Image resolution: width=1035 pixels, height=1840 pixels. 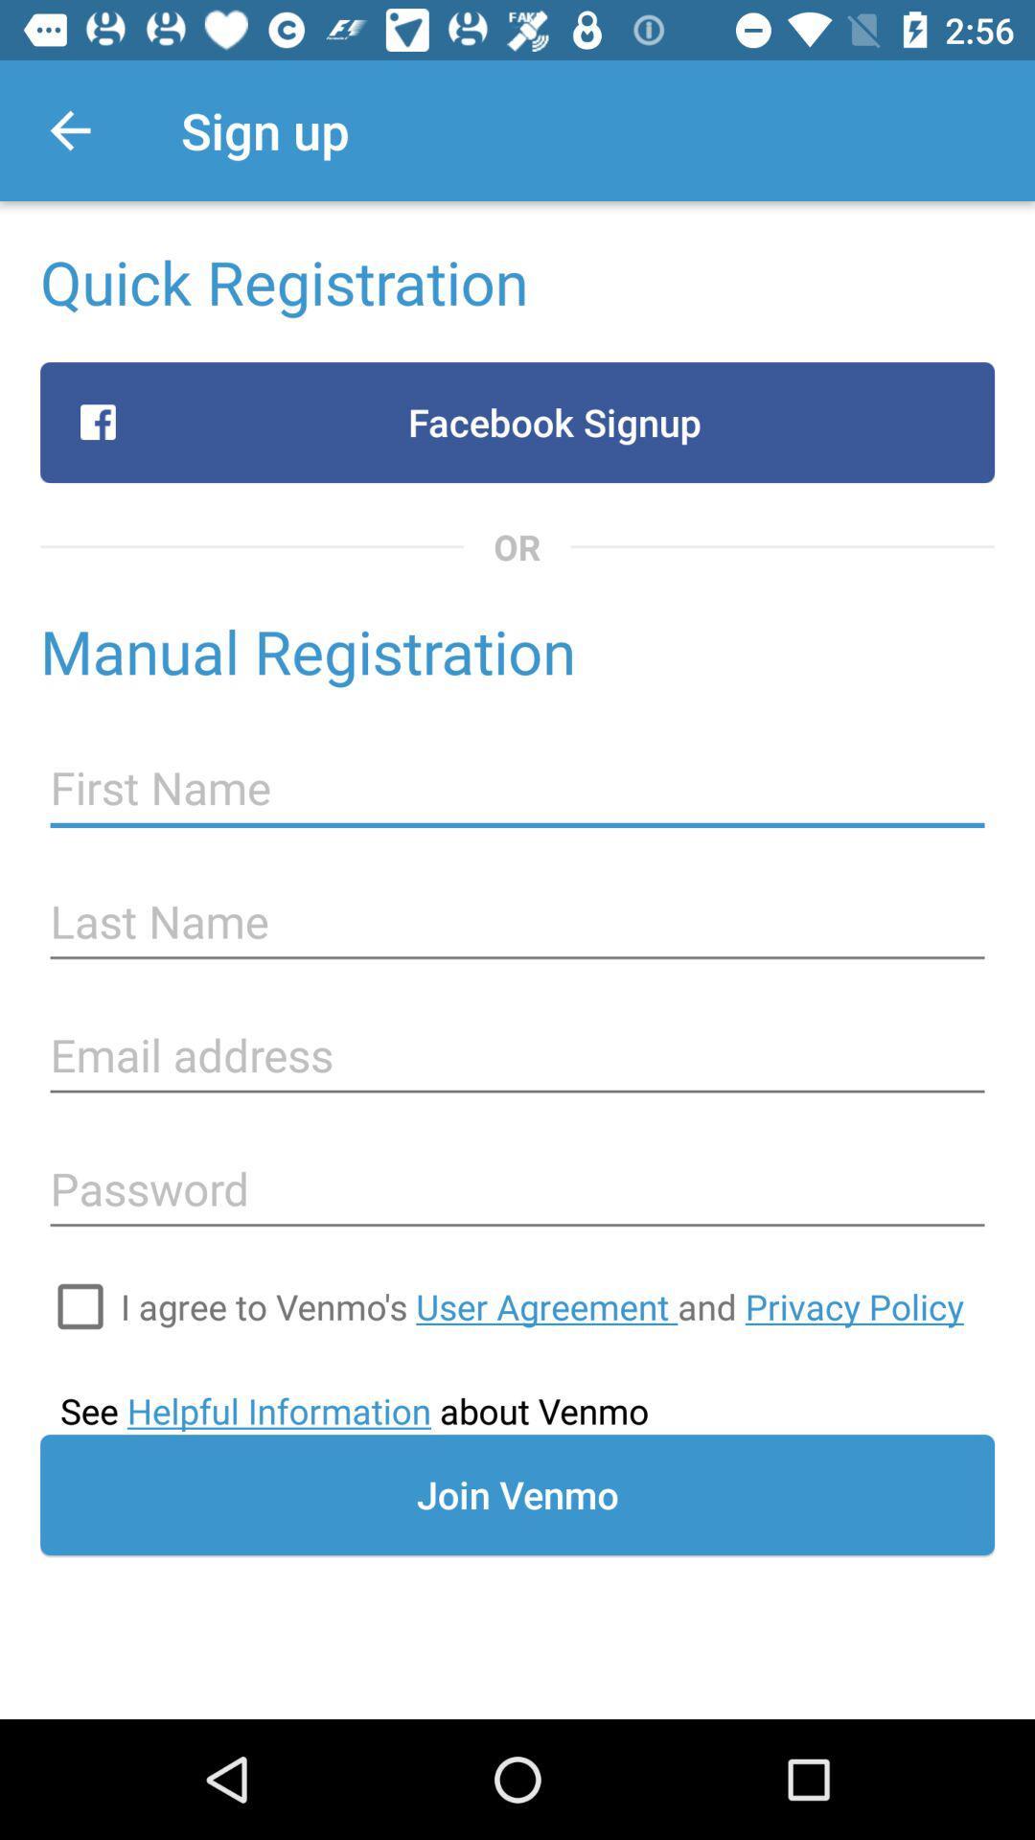 What do you see at coordinates (517, 1055) in the screenshot?
I see `the field below last name` at bounding box center [517, 1055].